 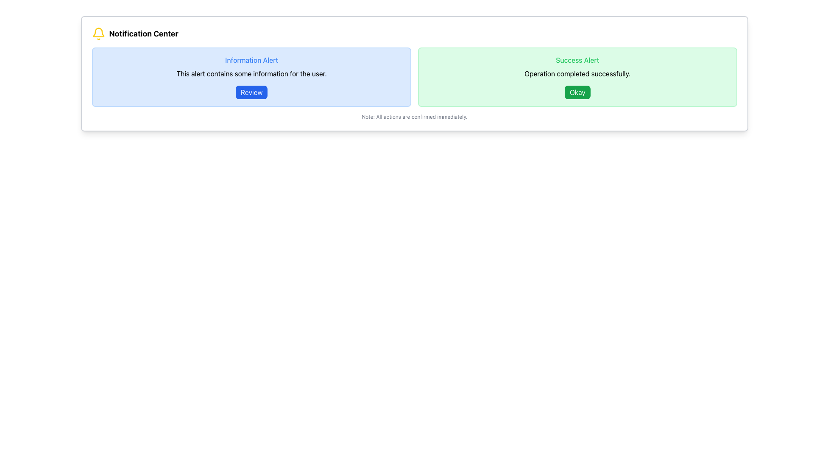 What do you see at coordinates (251, 60) in the screenshot?
I see `text of the Label that serves as a title or header for the alert message in the Notification Center` at bounding box center [251, 60].